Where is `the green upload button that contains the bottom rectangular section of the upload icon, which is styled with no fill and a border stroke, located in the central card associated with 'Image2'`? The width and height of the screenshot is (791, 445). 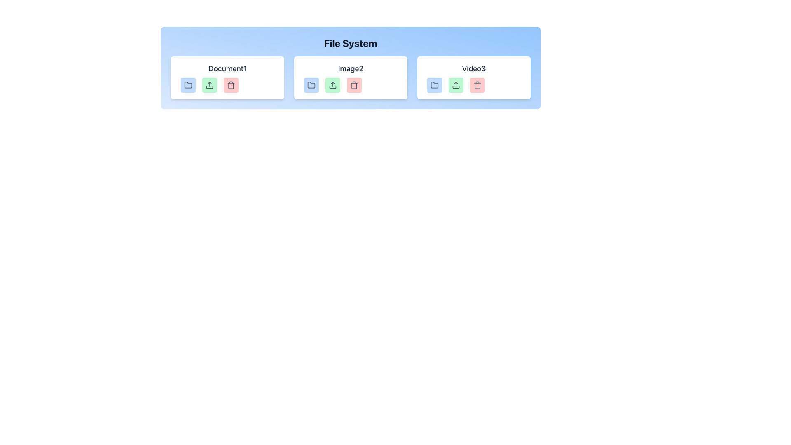
the green upload button that contains the bottom rectangular section of the upload icon, which is styled with no fill and a border stroke, located in the central card associated with 'Image2' is located at coordinates (332, 87).